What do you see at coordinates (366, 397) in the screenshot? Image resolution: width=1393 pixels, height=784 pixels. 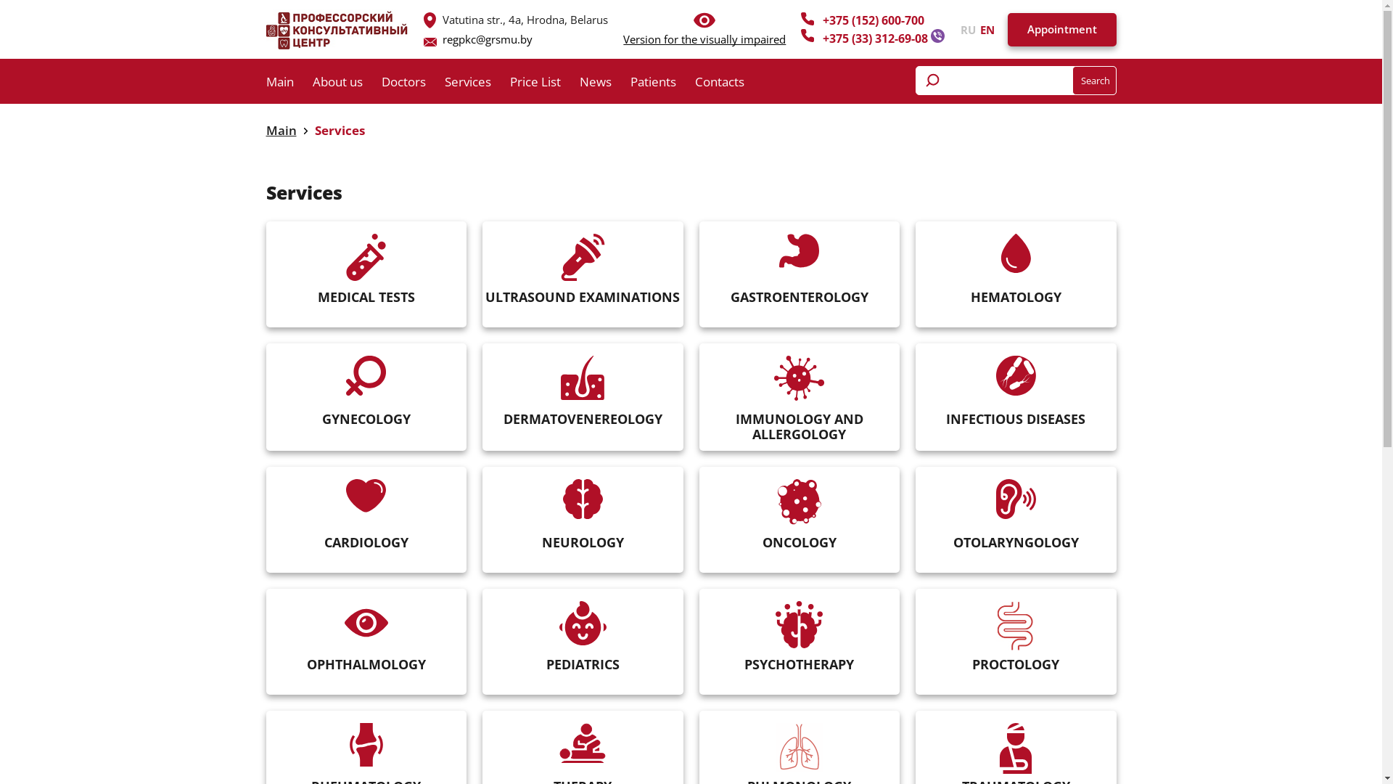 I see `'GYNECOLOGY'` at bounding box center [366, 397].